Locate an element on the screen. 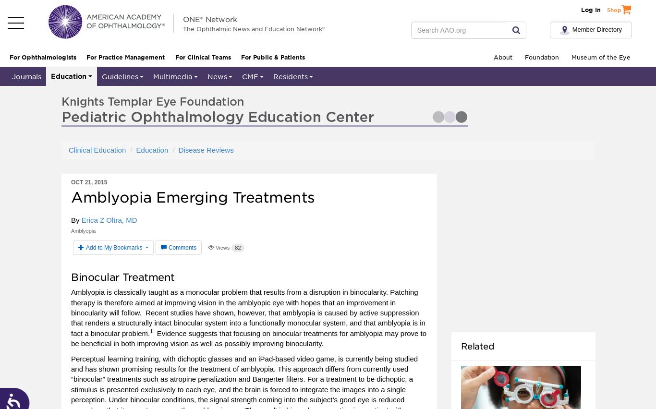 Image resolution: width=656 pixels, height=409 pixels. 'Log In' is located at coordinates (581, 9).